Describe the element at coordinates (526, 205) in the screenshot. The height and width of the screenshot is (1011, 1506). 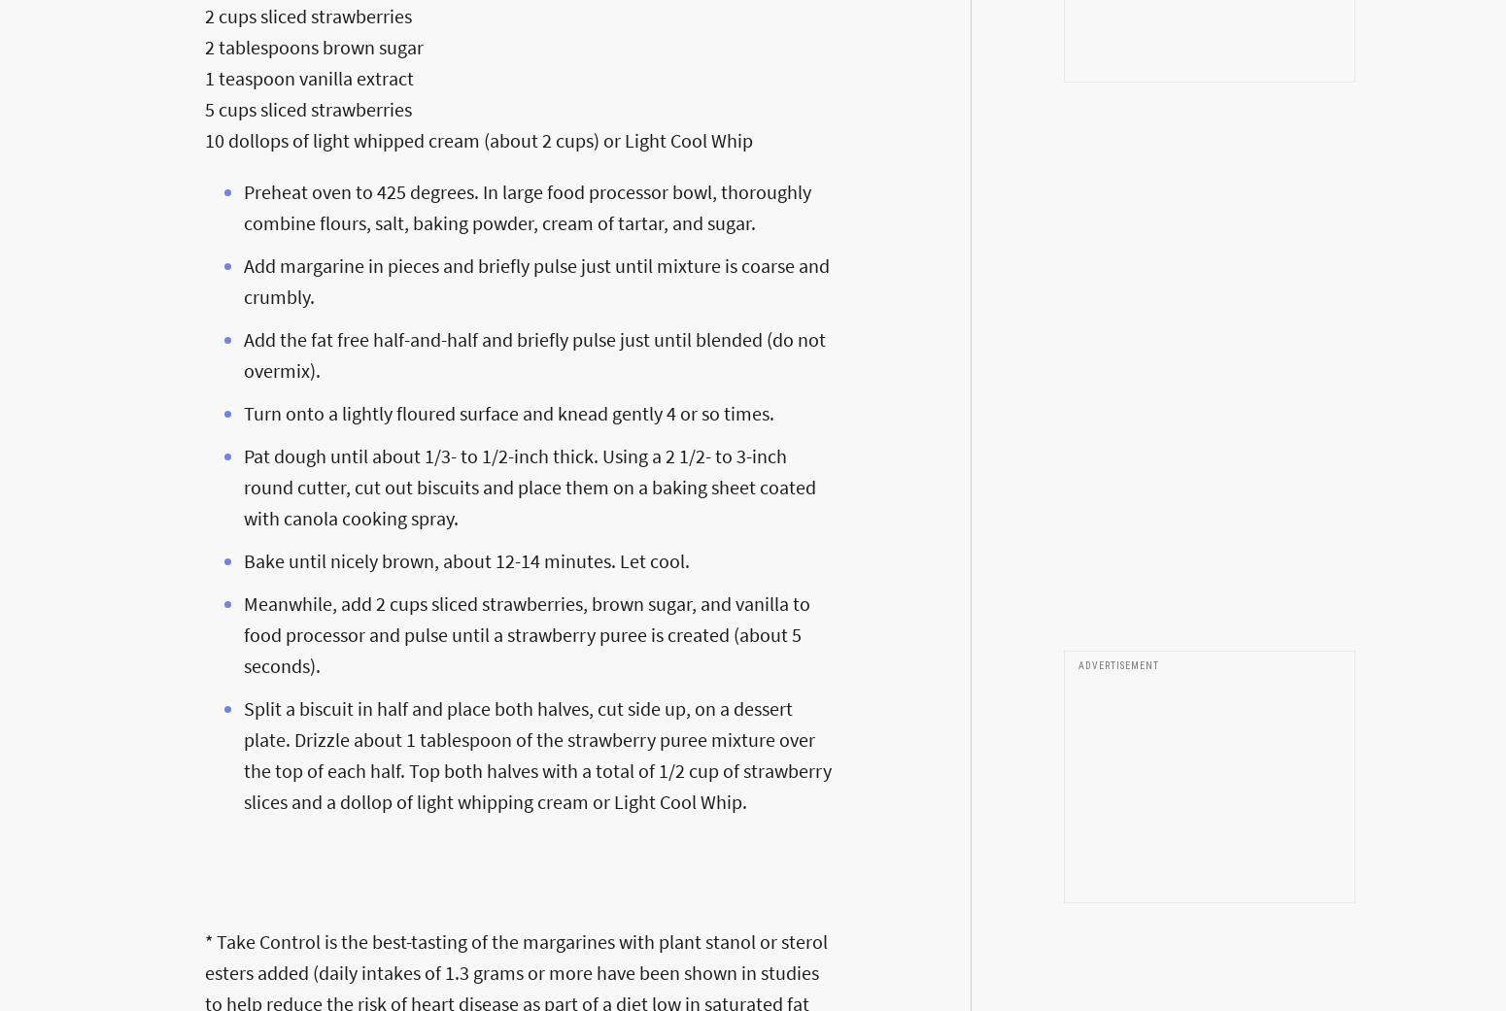
I see `'Preheat oven to 425 degrees. In large food processor bowl, thoroughly combine flours, salt, baking powder, cream of tartar, and sugar.'` at that location.